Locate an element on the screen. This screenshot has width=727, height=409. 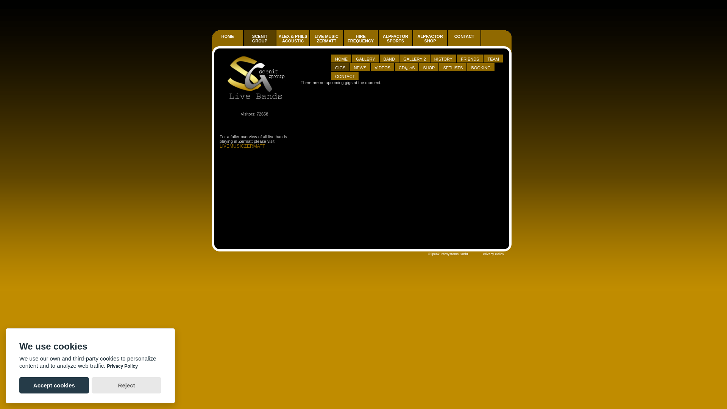
'NEWS' is located at coordinates (360, 67).